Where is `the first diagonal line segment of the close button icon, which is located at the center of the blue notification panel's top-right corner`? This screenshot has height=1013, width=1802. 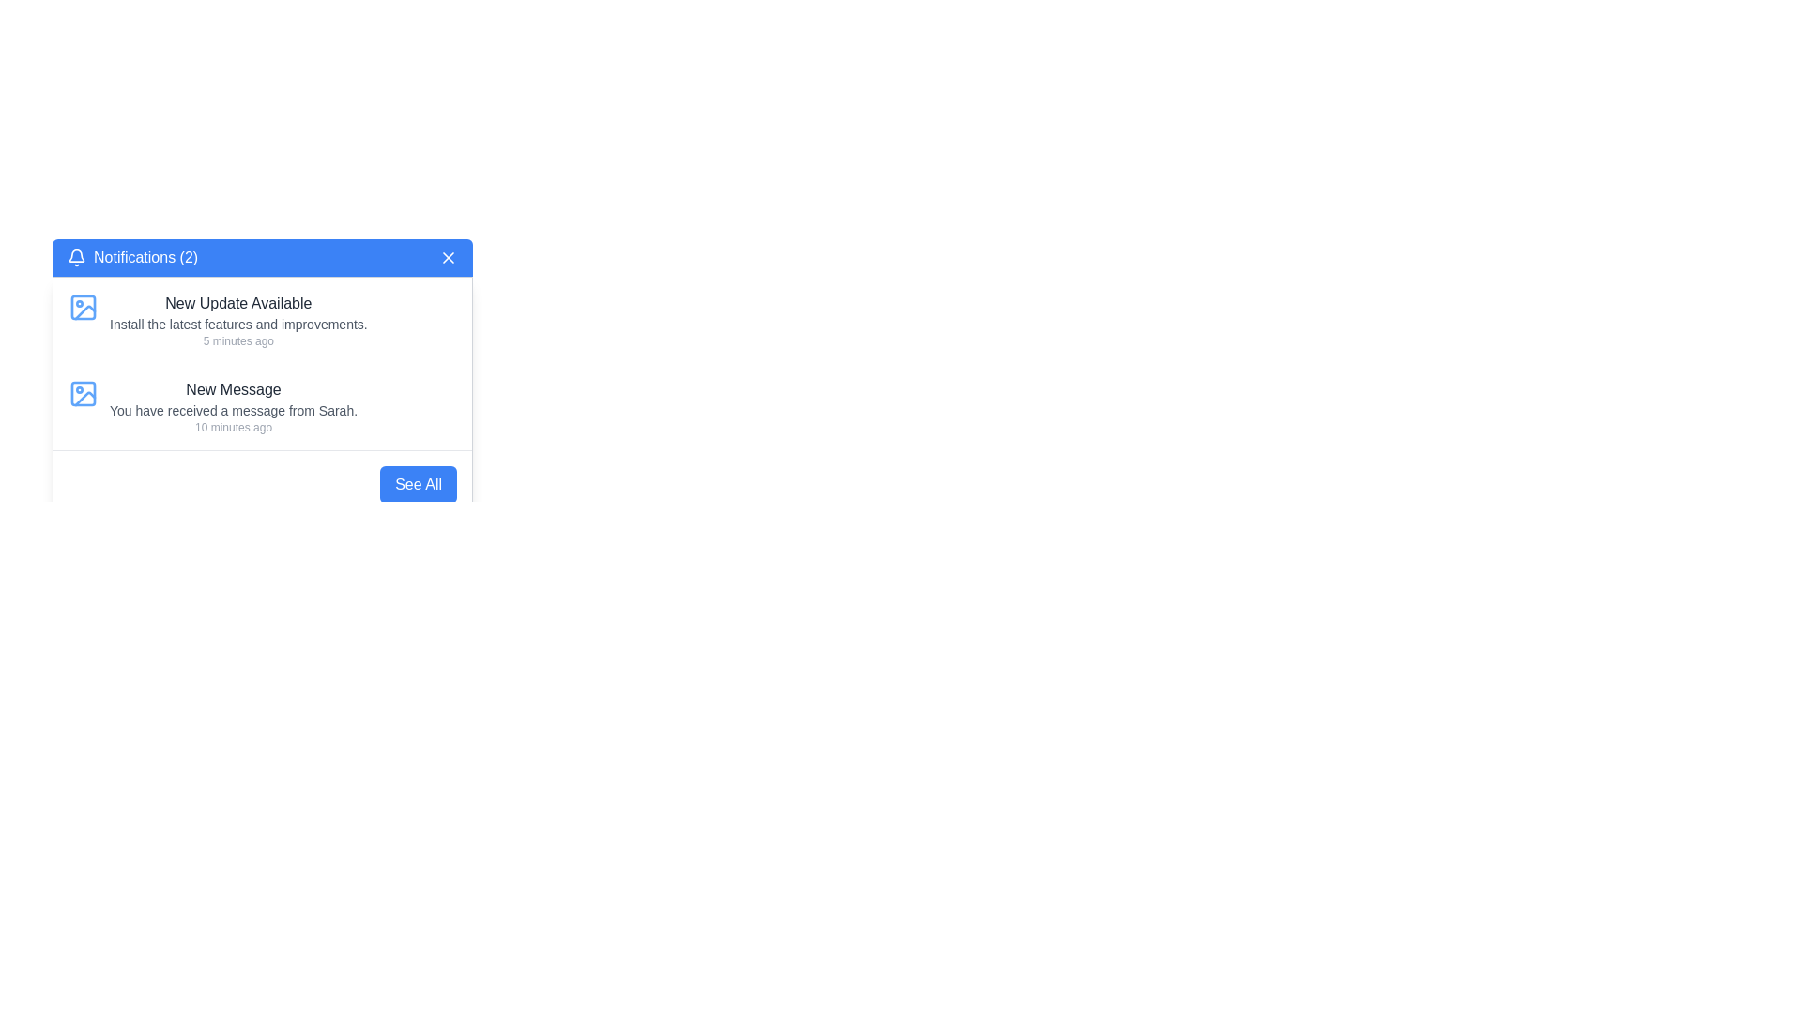
the first diagonal line segment of the close button icon, which is located at the center of the blue notification panel's top-right corner is located at coordinates (448, 257).